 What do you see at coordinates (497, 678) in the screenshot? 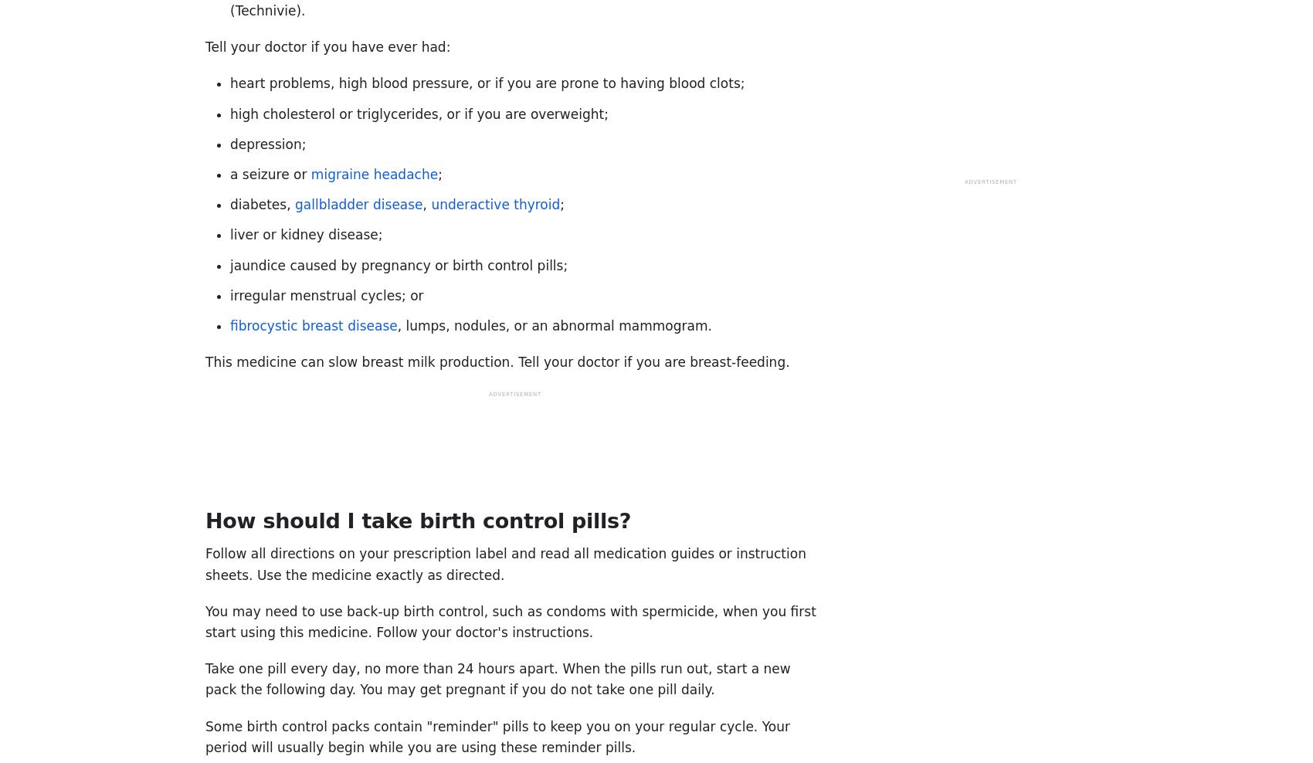
I see `'Take one pill every day, no more than 24 hours apart. When the pills run out, start a new pack the following day. You may get pregnant if you do not take one pill daily.'` at bounding box center [497, 678].